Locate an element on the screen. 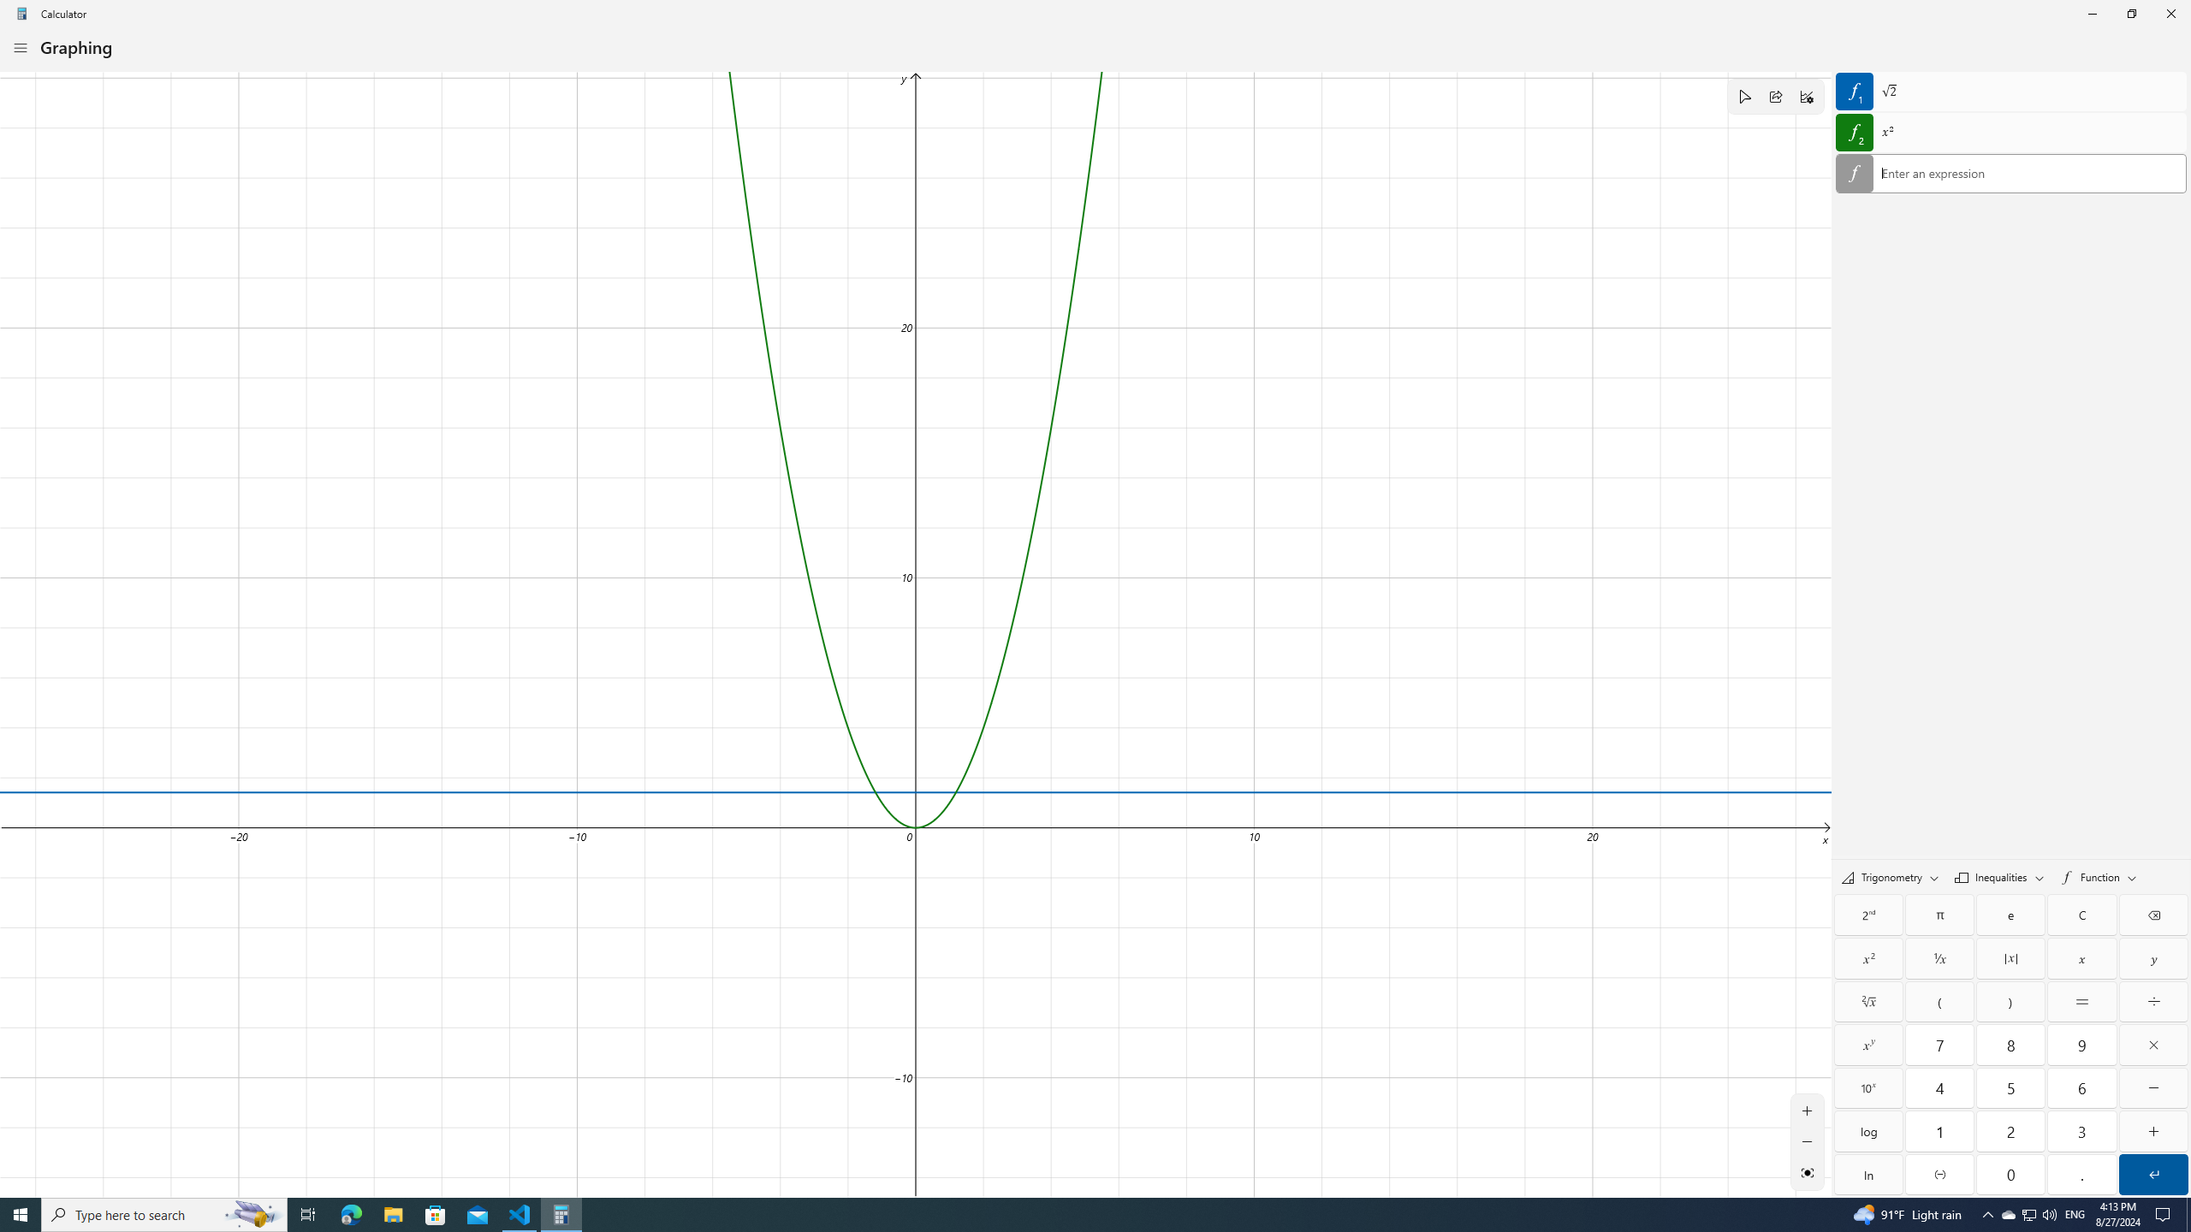 The image size is (2191, 1232). 'Zoom out' is located at coordinates (1807, 1140).